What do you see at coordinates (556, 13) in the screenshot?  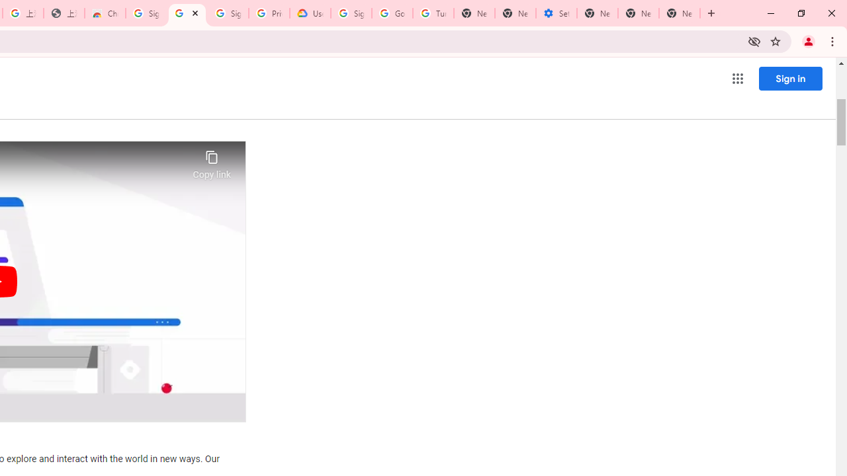 I see `'Settings - System'` at bounding box center [556, 13].